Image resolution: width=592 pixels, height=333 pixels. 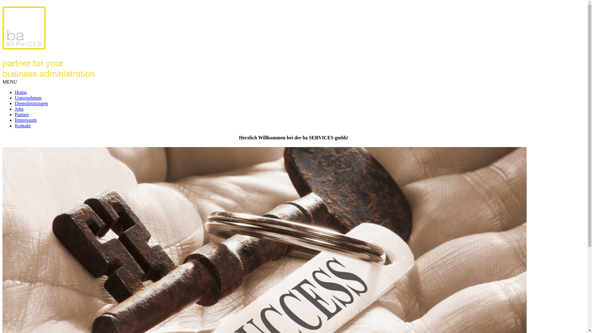 I want to click on 'MENU', so click(x=10, y=81).